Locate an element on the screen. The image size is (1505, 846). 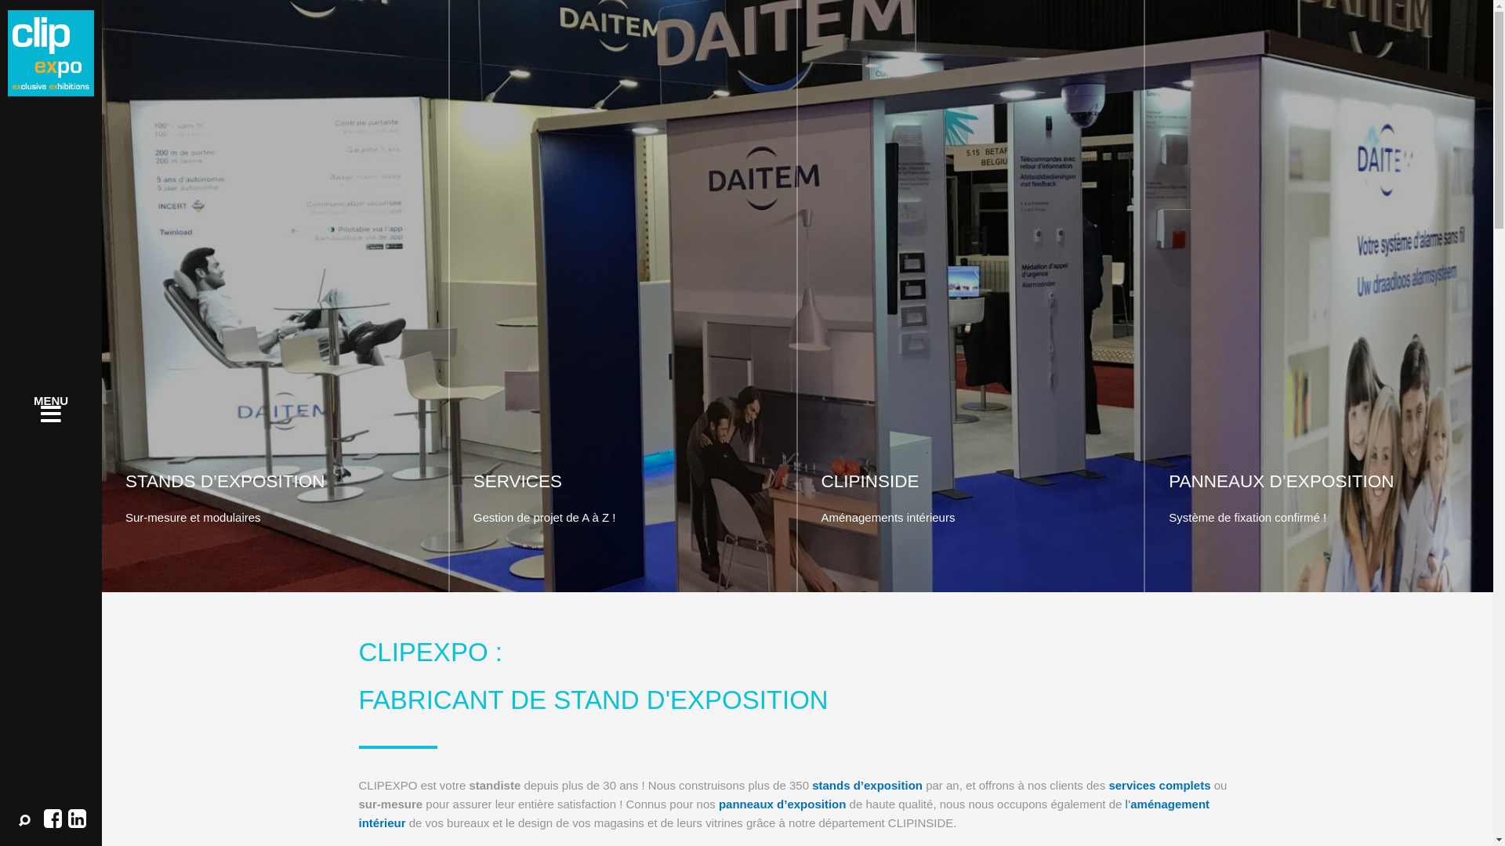
'services complets' is located at coordinates (1159, 785).